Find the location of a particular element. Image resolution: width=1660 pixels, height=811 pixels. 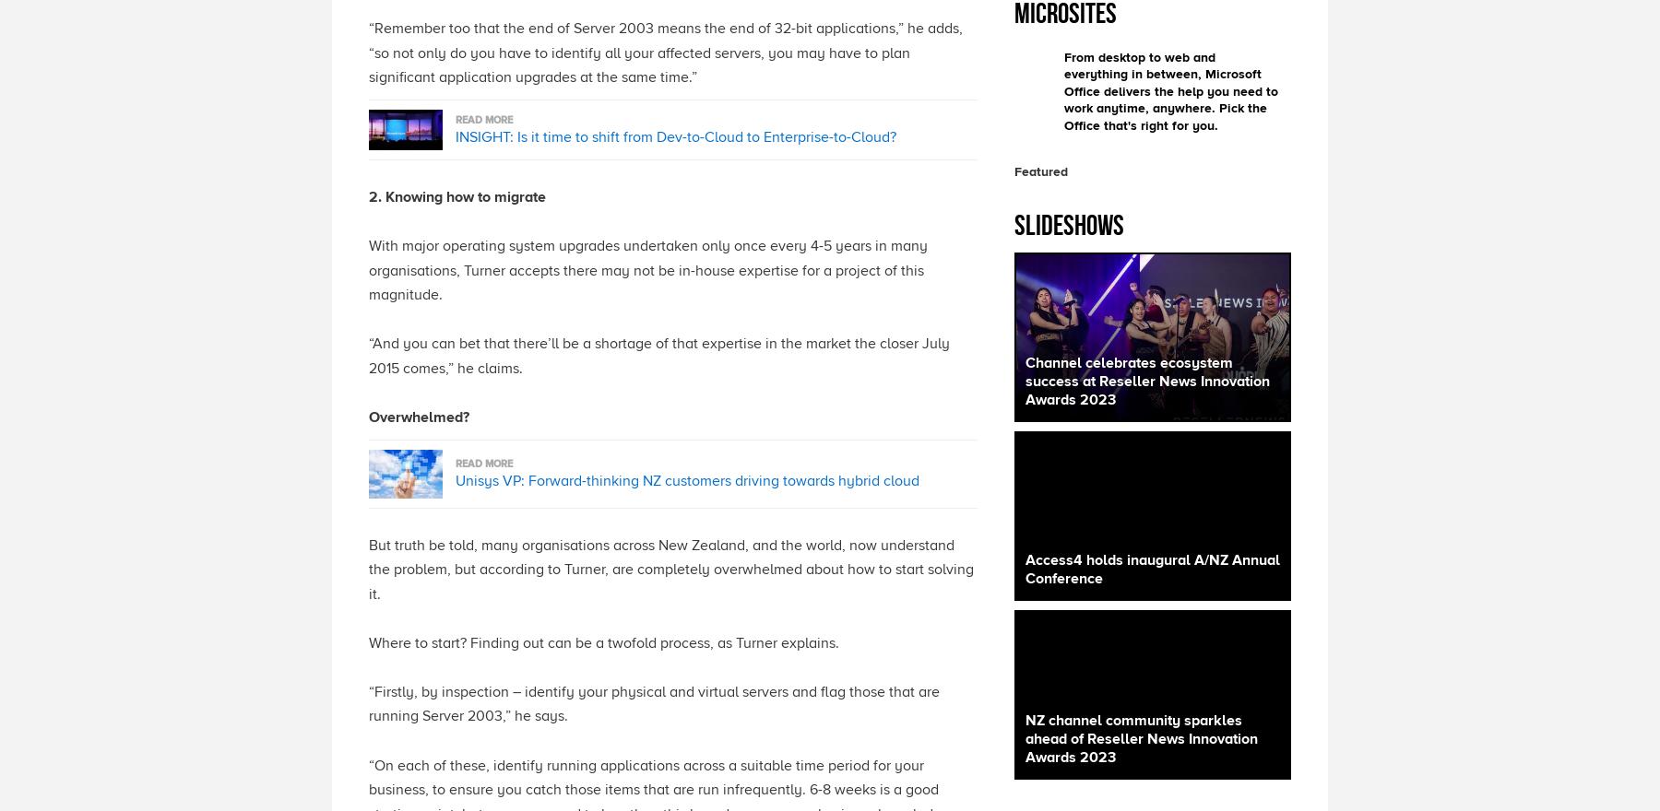

'Overwhelmed?' is located at coordinates (418, 417).